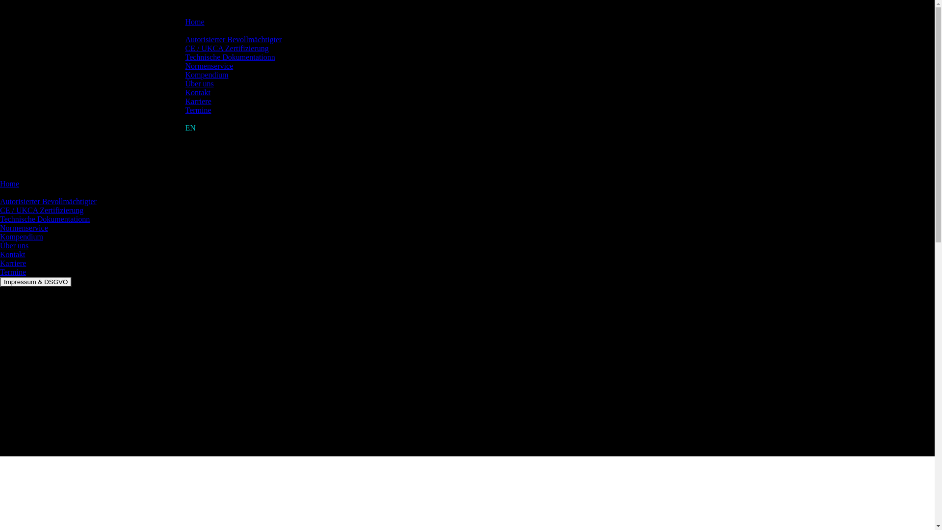 Image resolution: width=942 pixels, height=530 pixels. I want to click on 'Karriere', so click(0, 263).